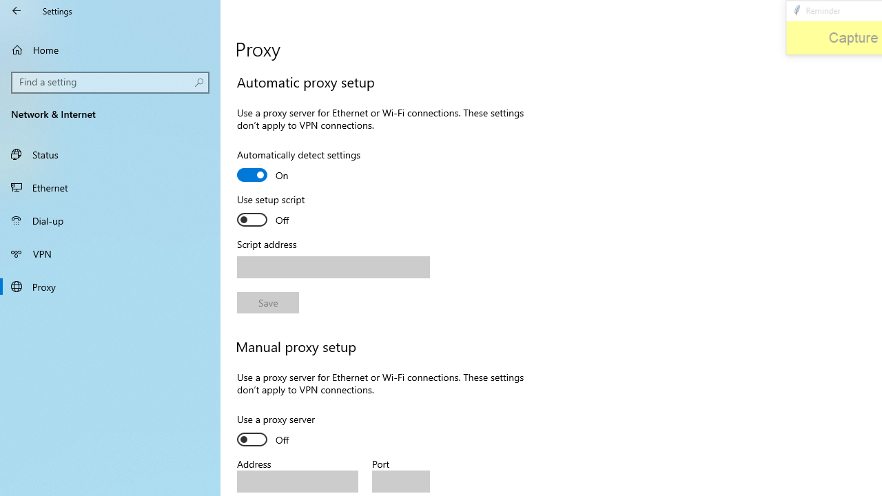 Image resolution: width=882 pixels, height=496 pixels. What do you see at coordinates (297, 481) in the screenshot?
I see `'Address'` at bounding box center [297, 481].